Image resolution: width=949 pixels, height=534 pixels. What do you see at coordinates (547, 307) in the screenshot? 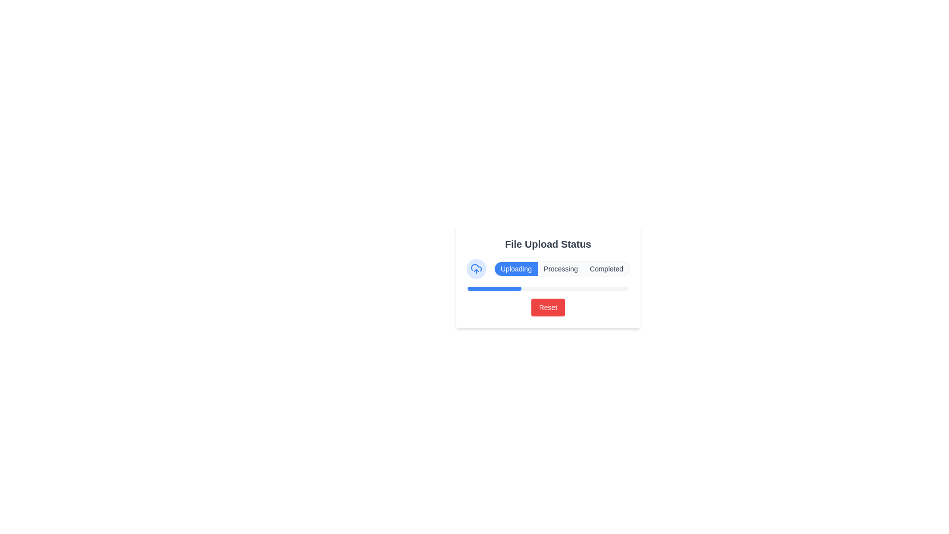
I see `the reset button located at the bottom of the 'File Upload Status' card component` at bounding box center [547, 307].